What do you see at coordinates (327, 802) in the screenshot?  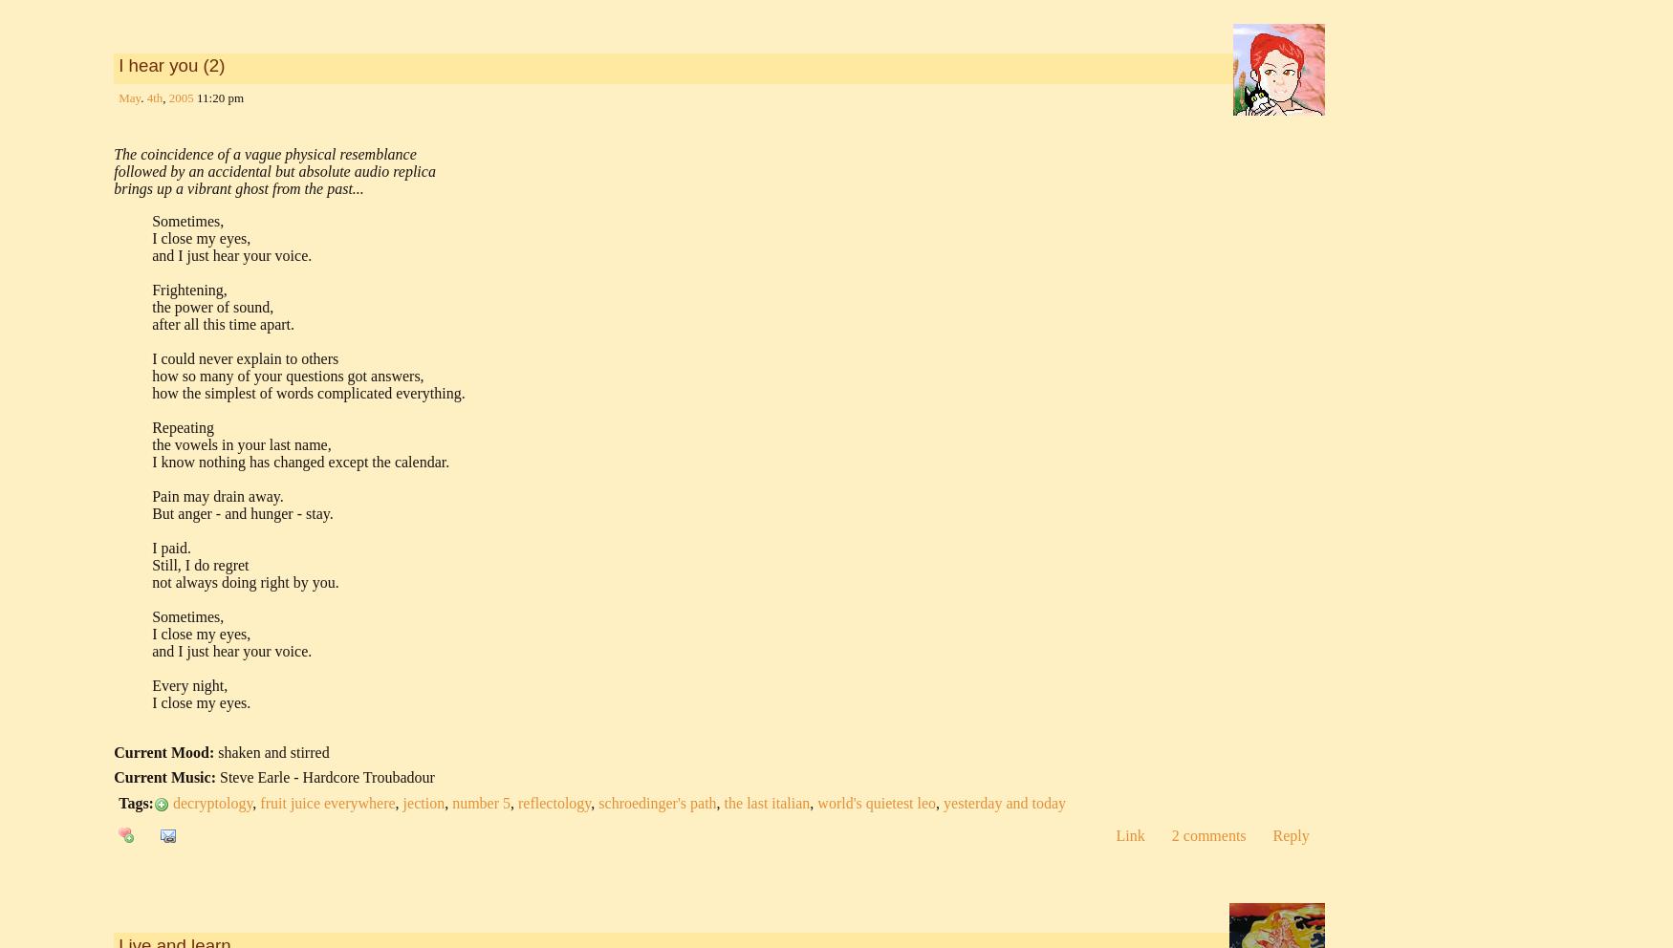 I see `'fruit juice everywhere'` at bounding box center [327, 802].